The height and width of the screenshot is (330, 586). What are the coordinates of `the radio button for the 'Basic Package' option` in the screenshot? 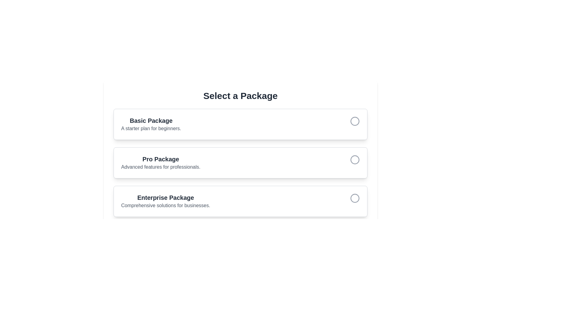 It's located at (355, 124).